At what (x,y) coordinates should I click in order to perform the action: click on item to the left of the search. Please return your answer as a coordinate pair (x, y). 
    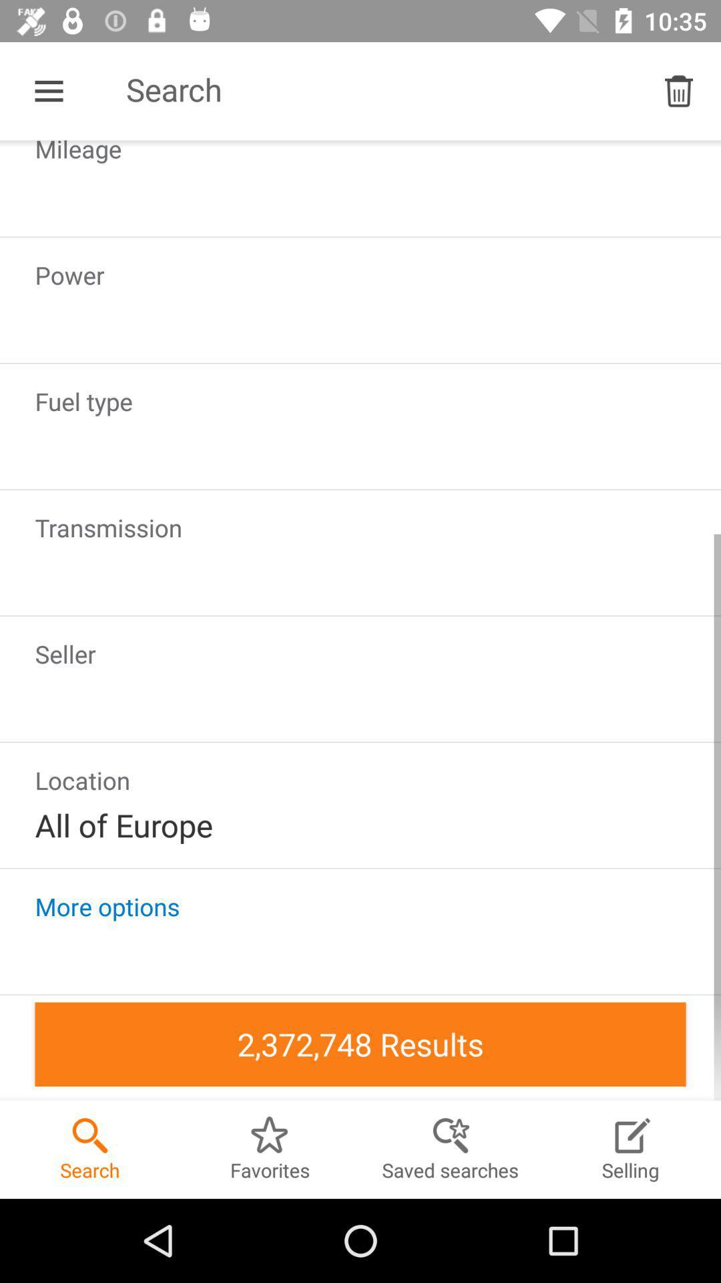
    Looking at the image, I should click on (48, 90).